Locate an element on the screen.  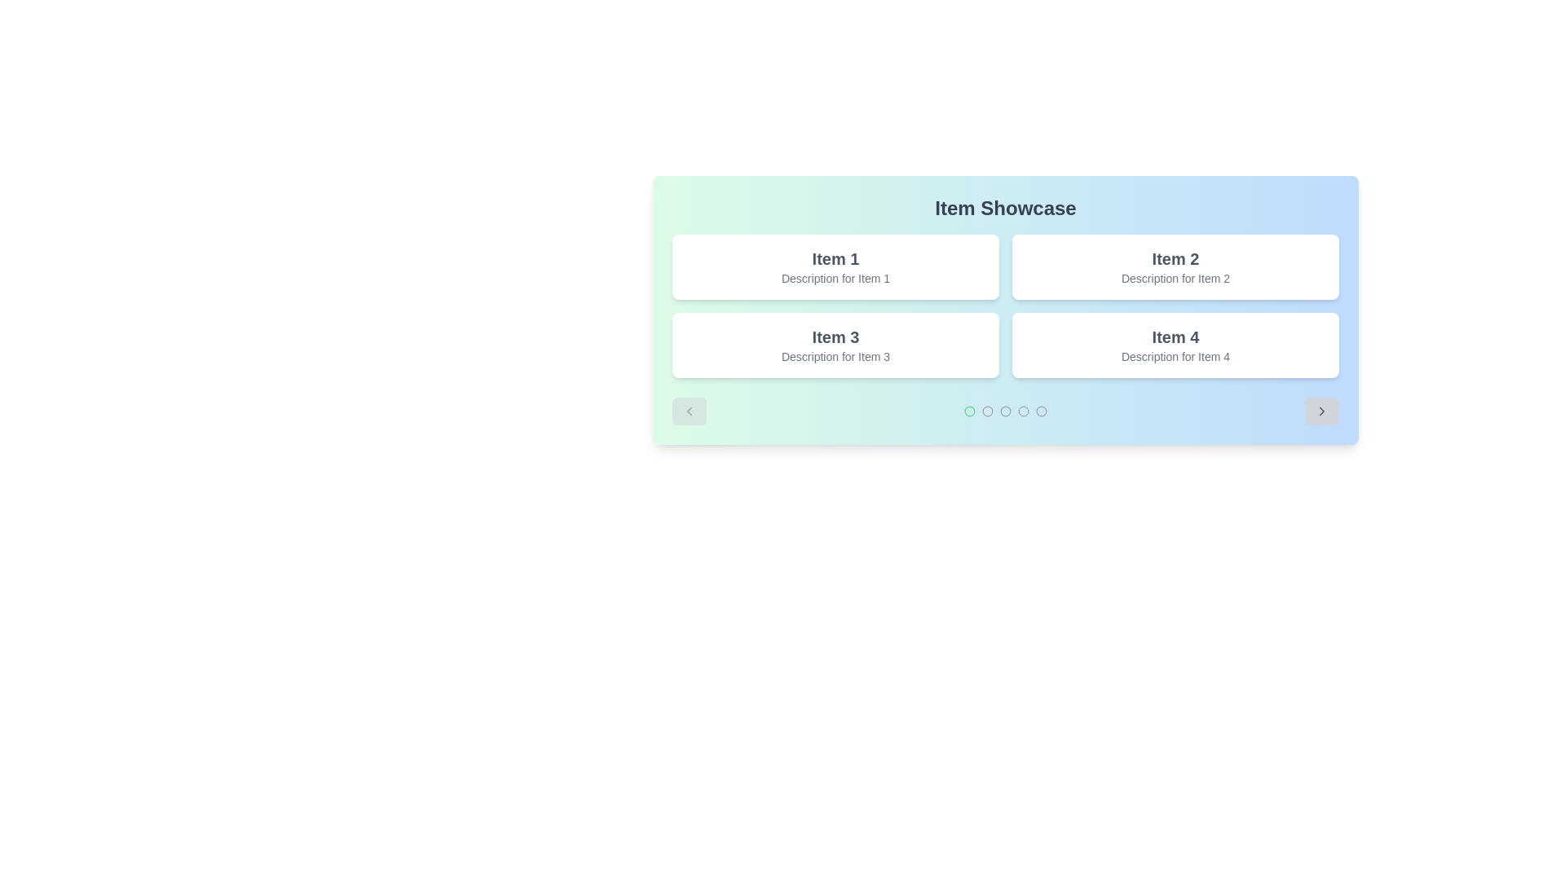
the second gray circular indicator in the row of five circles at the bottom center of the card interface is located at coordinates (986, 411).